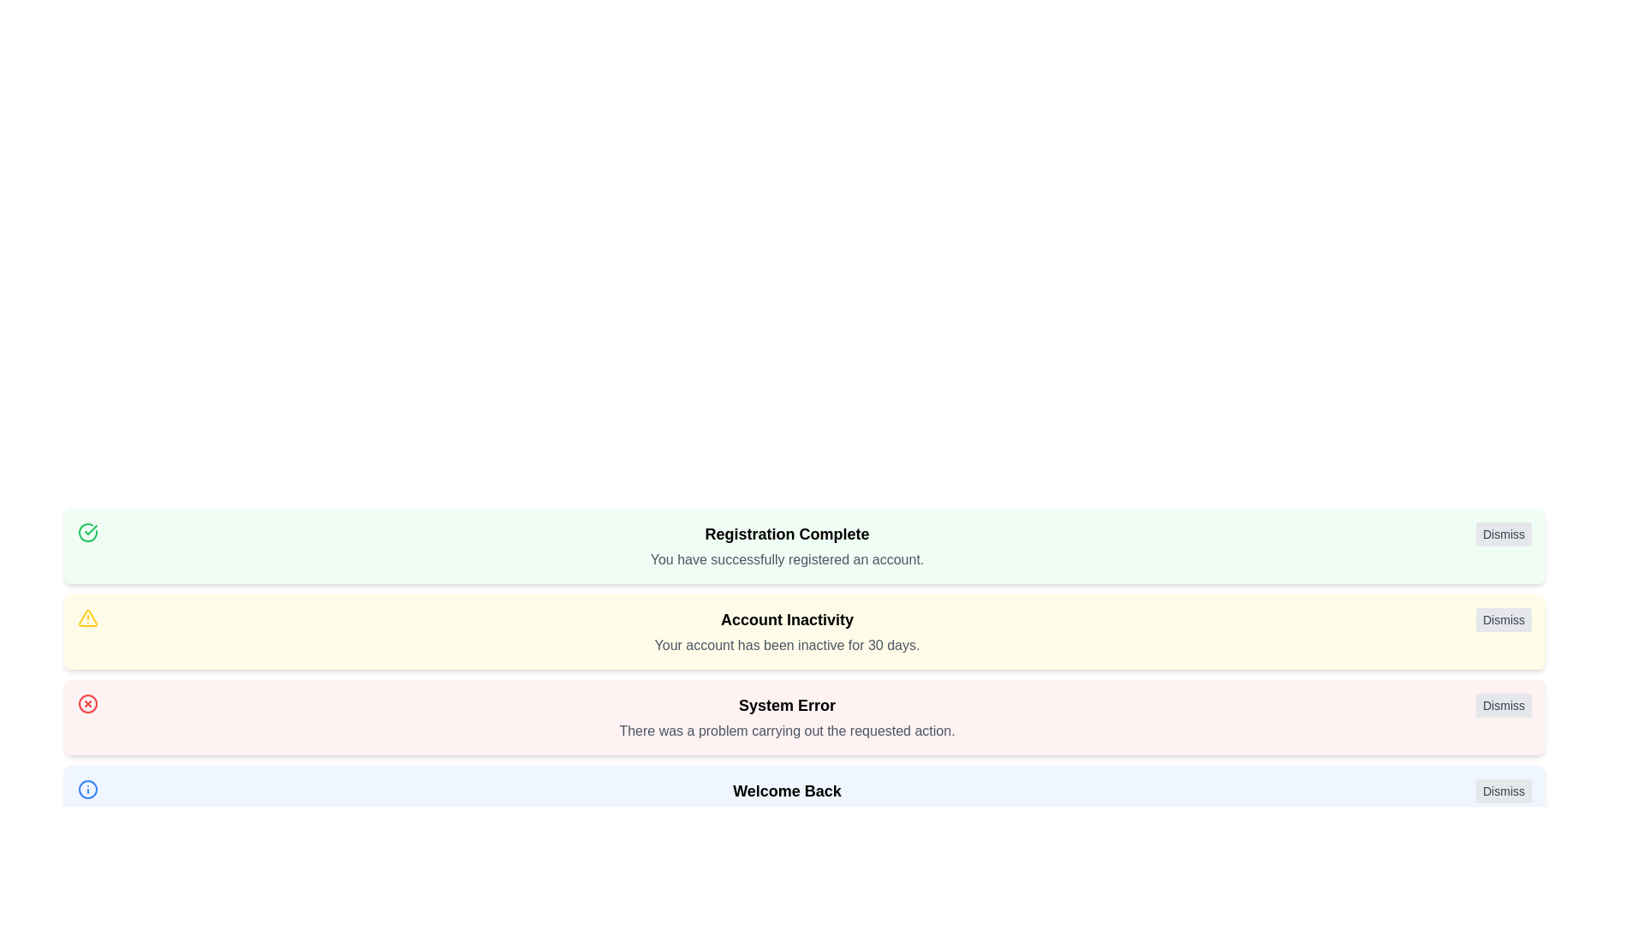  I want to click on the notification detail message indicating account inactivity duration of 30 days, which is centrally aligned beneath the heading 'Account Inactivity', so click(786, 645).